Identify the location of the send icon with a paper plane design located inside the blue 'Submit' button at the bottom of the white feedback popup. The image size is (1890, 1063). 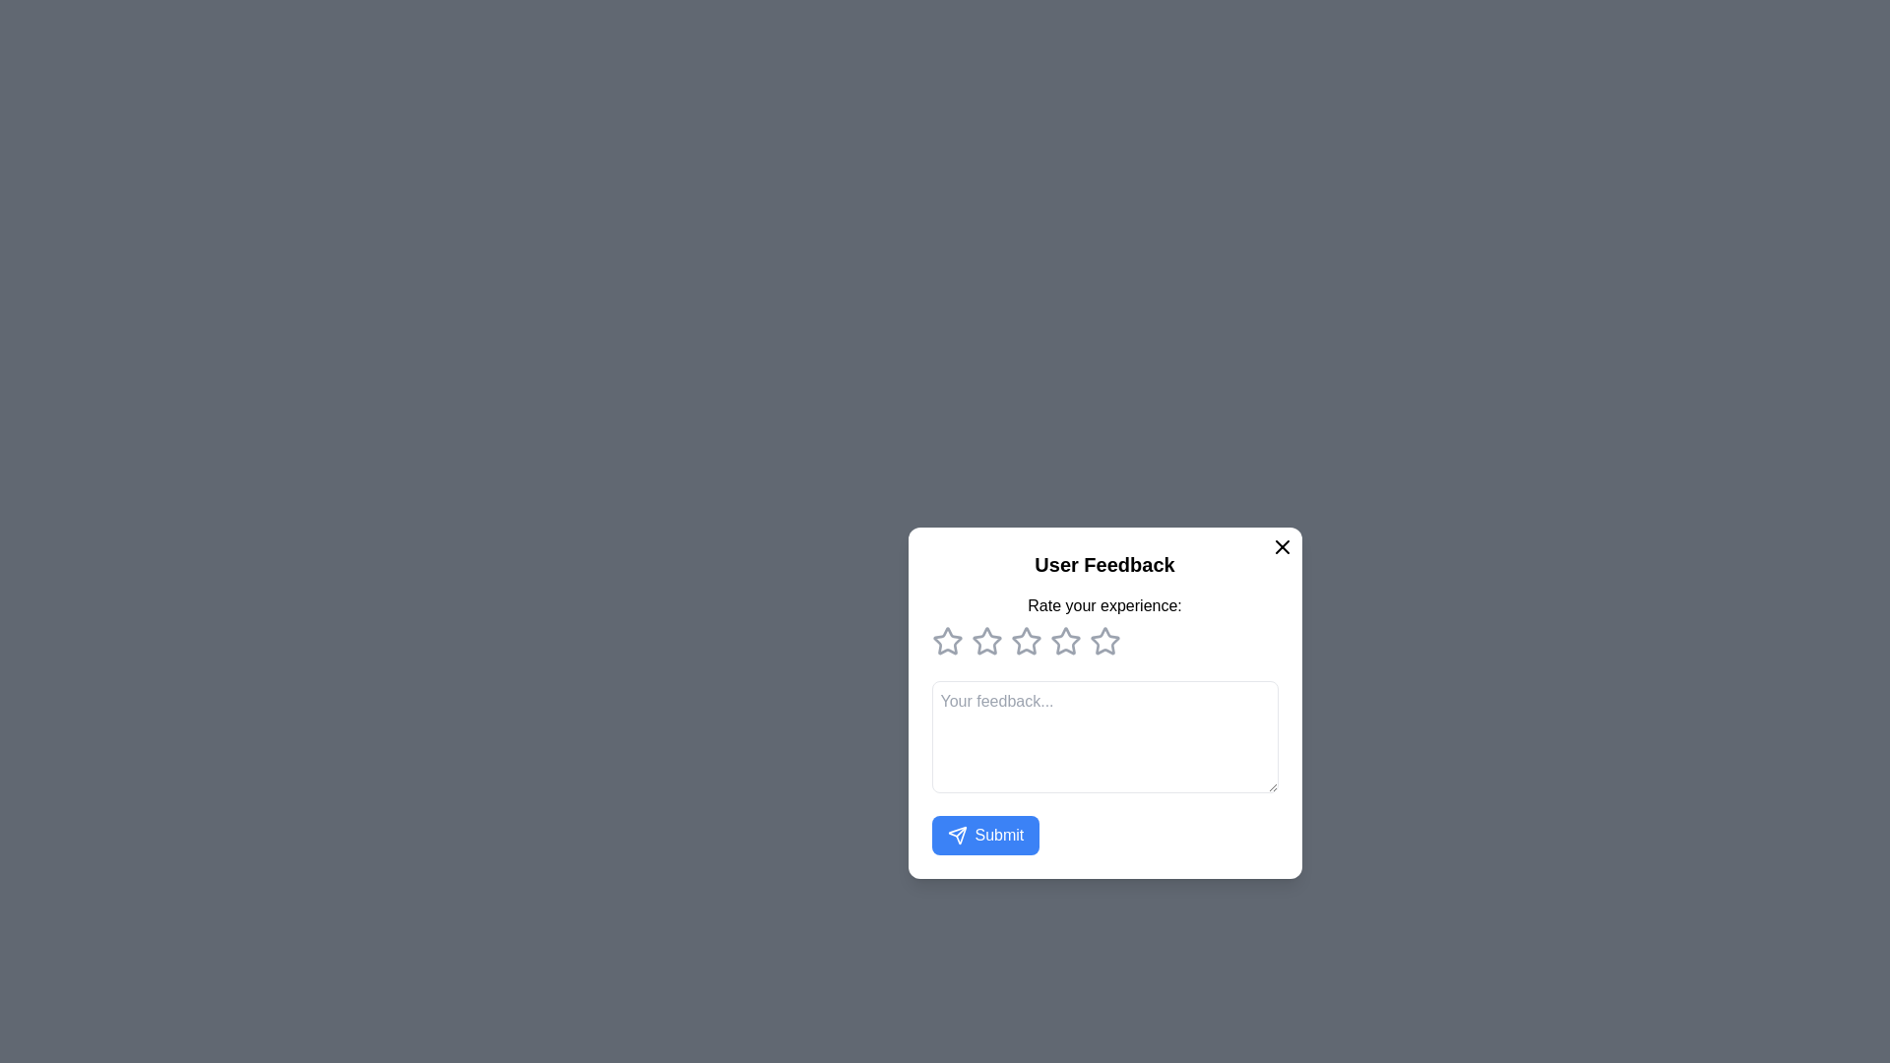
(957, 835).